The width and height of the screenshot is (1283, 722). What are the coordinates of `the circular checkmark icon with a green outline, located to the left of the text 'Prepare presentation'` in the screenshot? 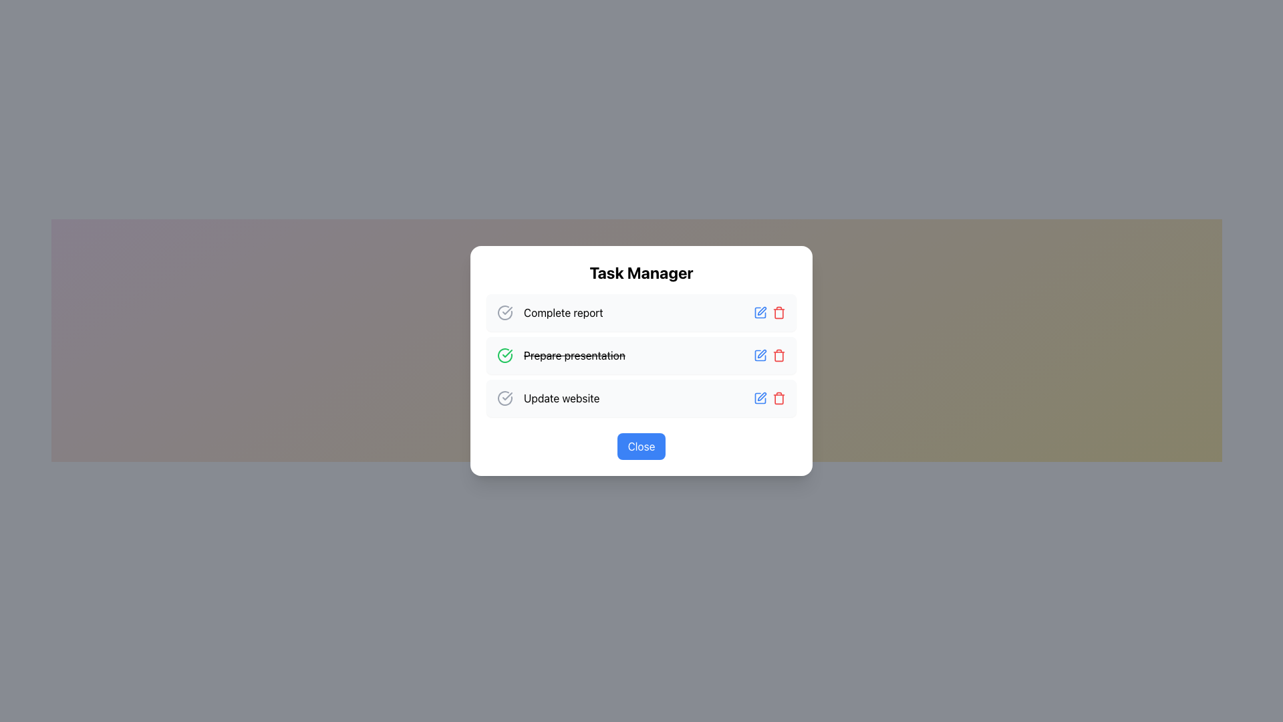 It's located at (504, 355).